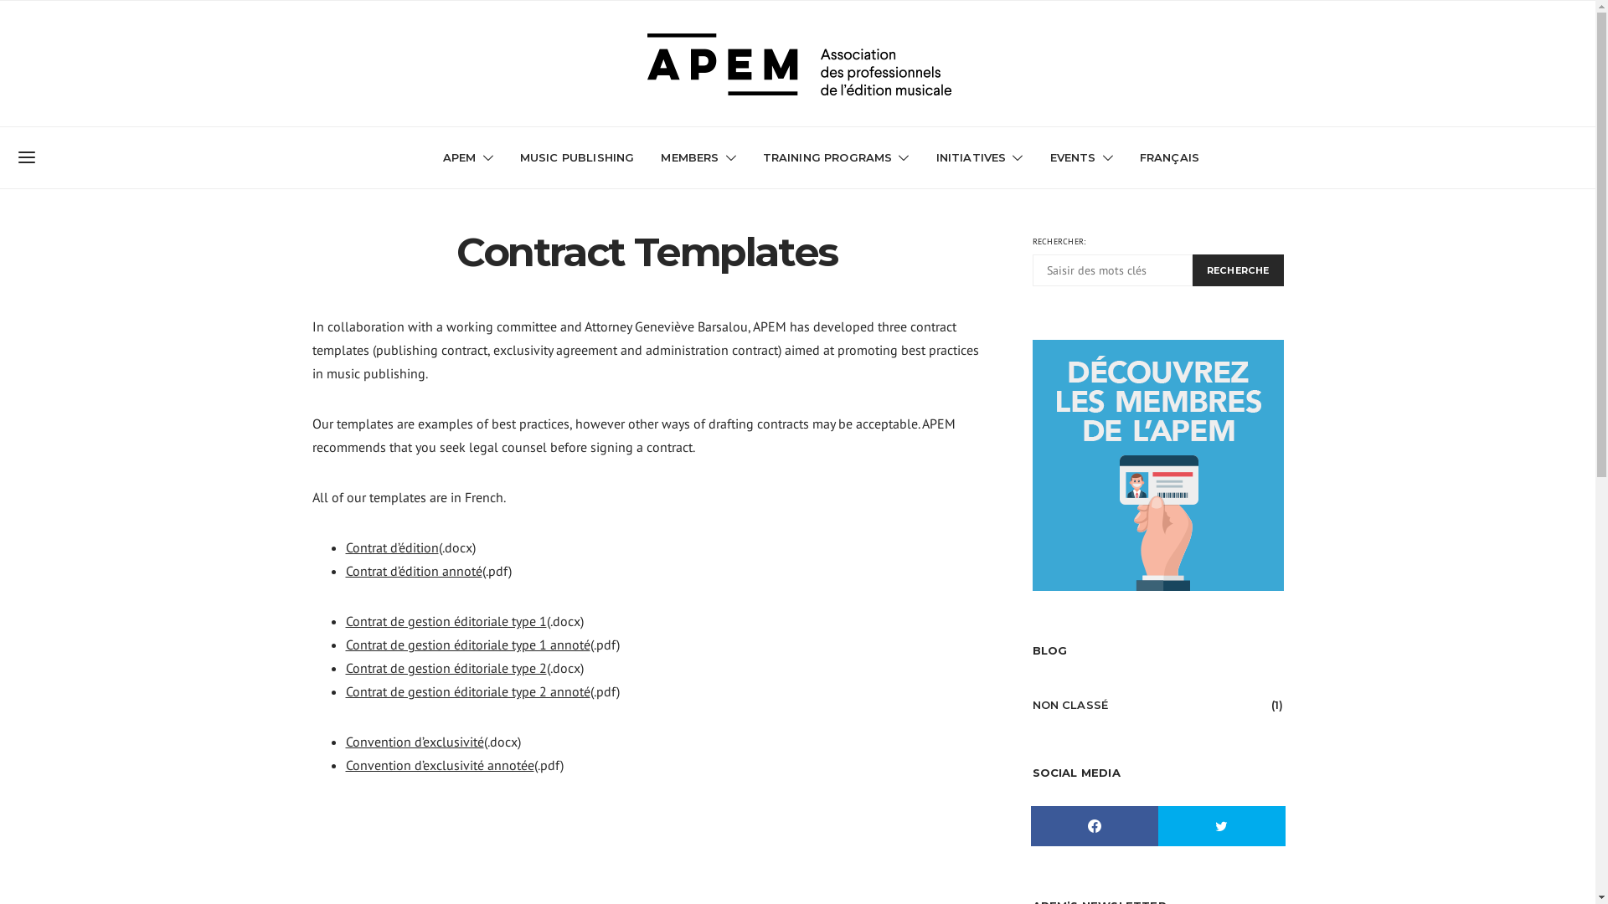 Image resolution: width=1608 pixels, height=904 pixels. I want to click on 'TRAINING PROGRAMS', so click(836, 157).